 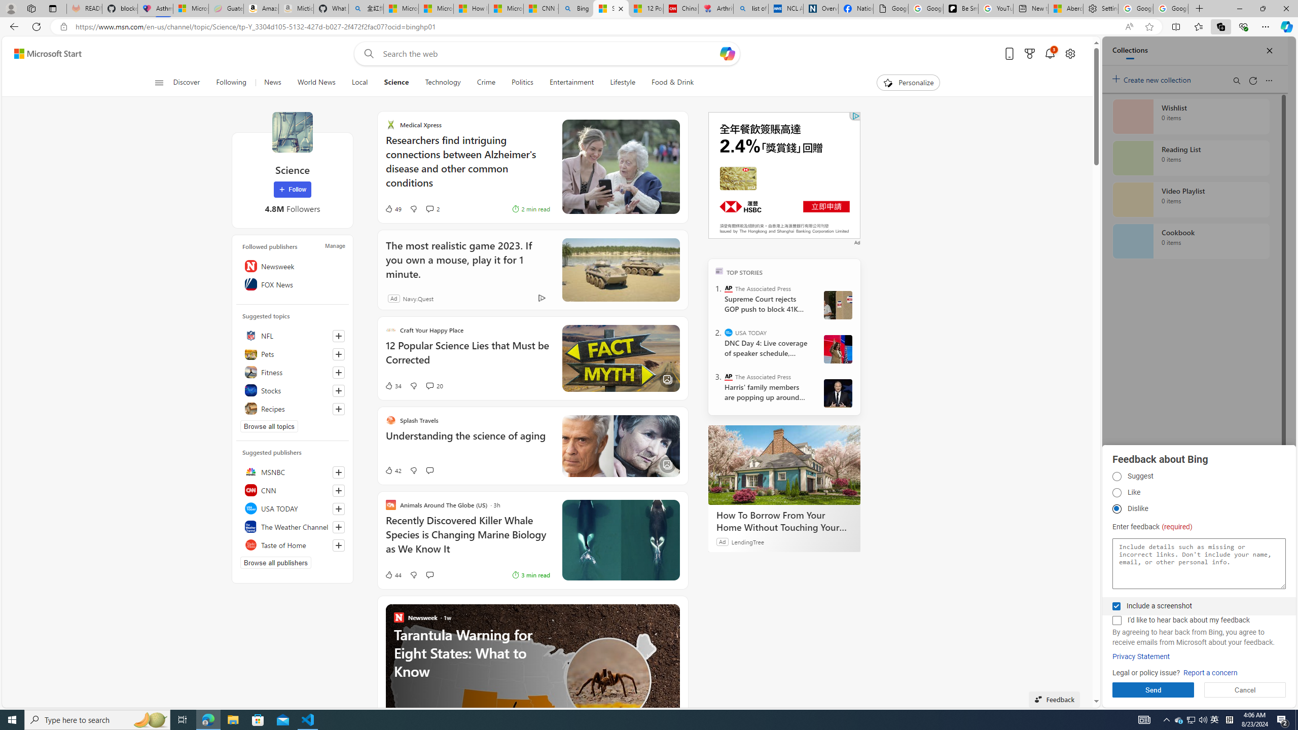 I want to click on 'Privacy Statement', so click(x=1141, y=656).